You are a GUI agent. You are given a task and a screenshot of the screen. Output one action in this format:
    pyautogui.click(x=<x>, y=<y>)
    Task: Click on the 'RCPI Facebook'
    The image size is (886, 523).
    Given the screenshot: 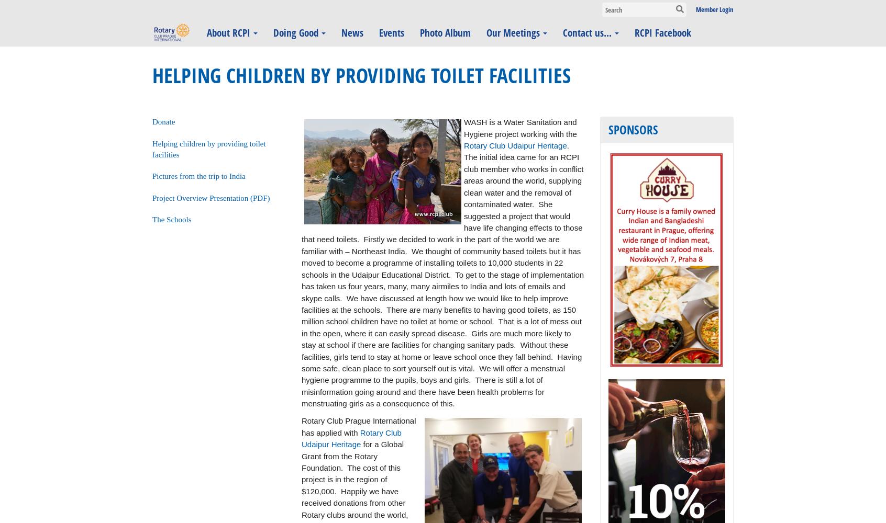 What is the action you would take?
    pyautogui.click(x=662, y=32)
    